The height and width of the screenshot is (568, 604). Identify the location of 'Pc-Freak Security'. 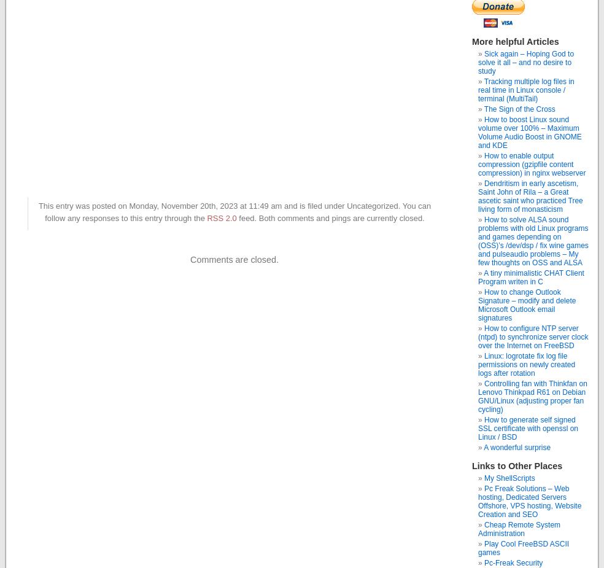
(513, 563).